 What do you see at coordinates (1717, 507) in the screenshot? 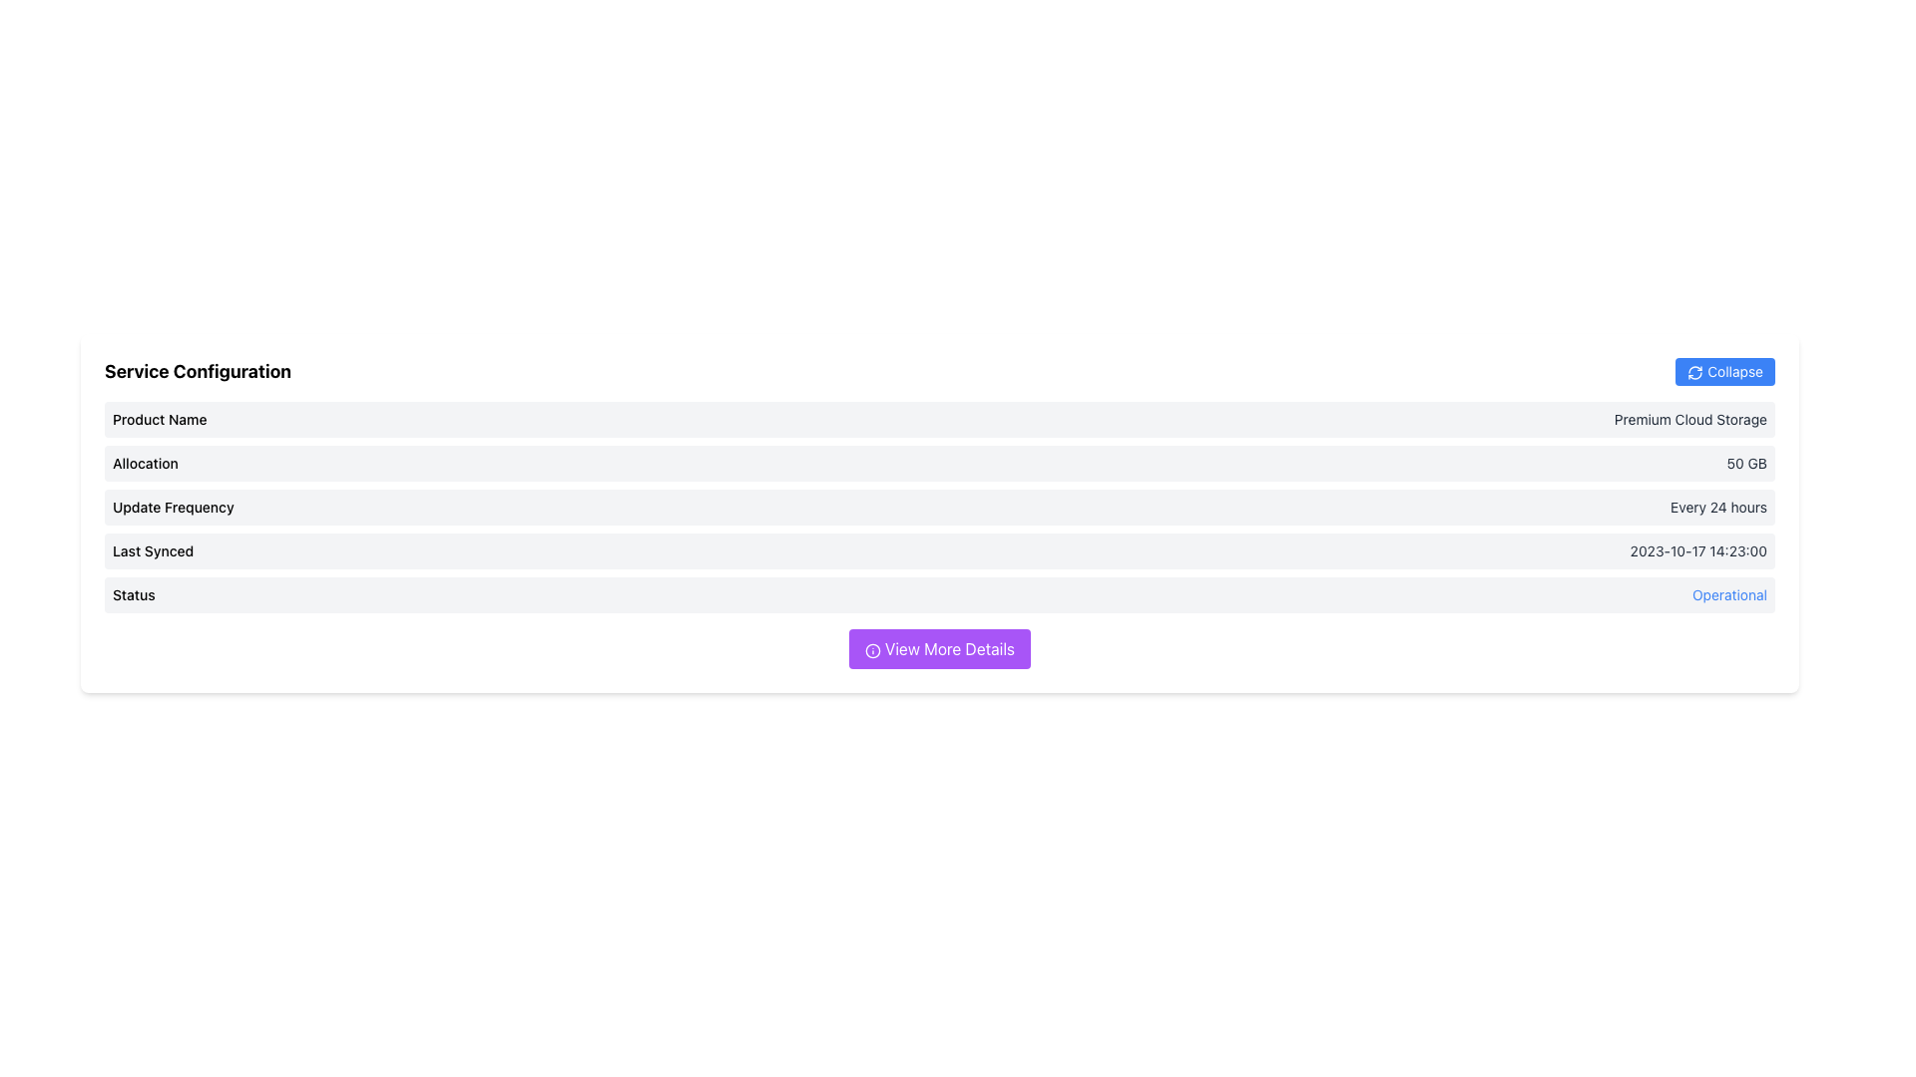
I see `the Text Label element displaying 'Every 24 hours', which is styled in gray and located next to 'Update Frequency'` at bounding box center [1717, 507].